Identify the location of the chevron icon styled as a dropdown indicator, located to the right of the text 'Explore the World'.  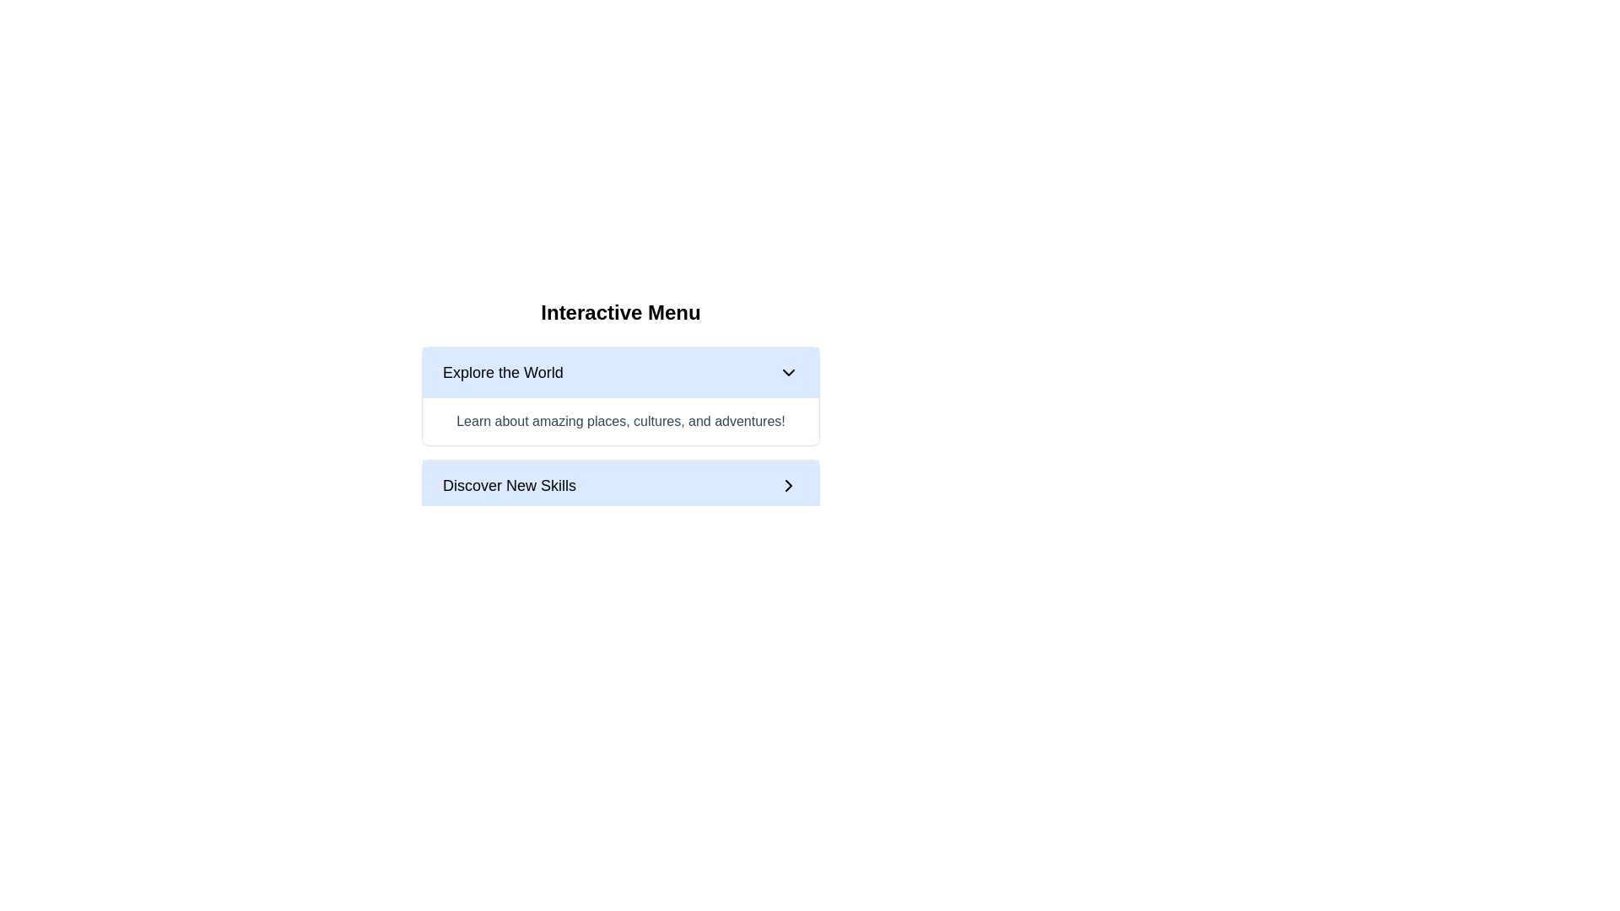
(788, 372).